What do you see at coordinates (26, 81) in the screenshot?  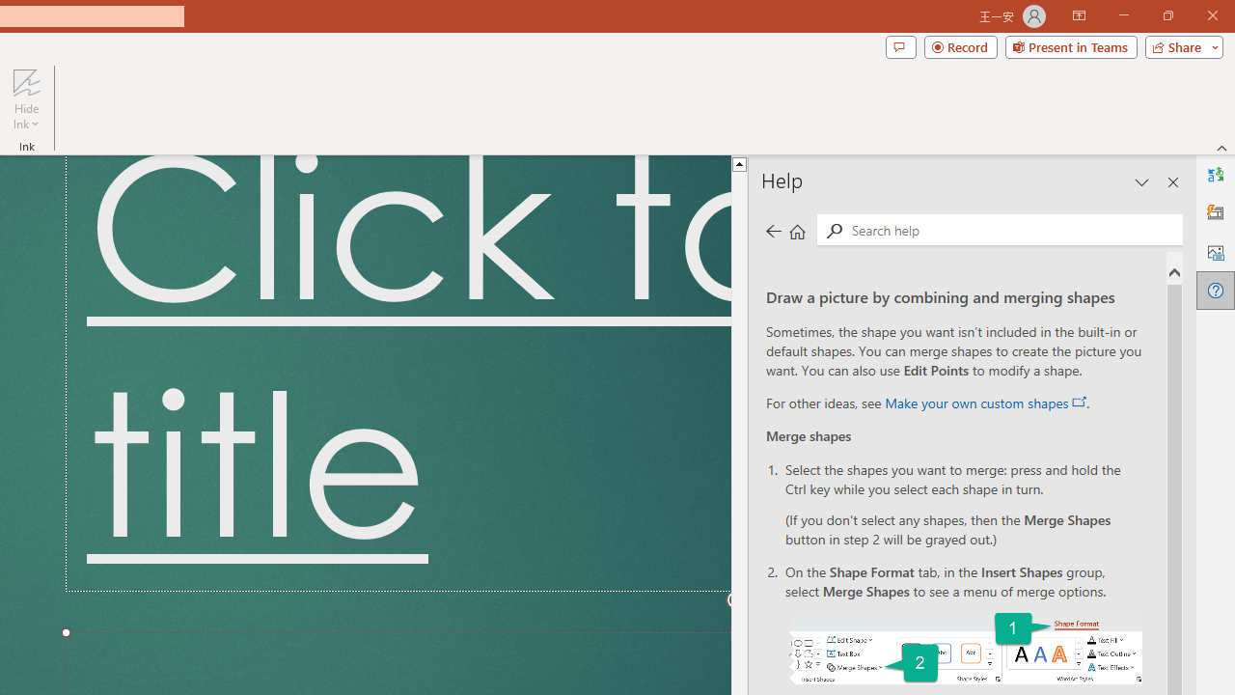 I see `'Hide Ink'` at bounding box center [26, 81].